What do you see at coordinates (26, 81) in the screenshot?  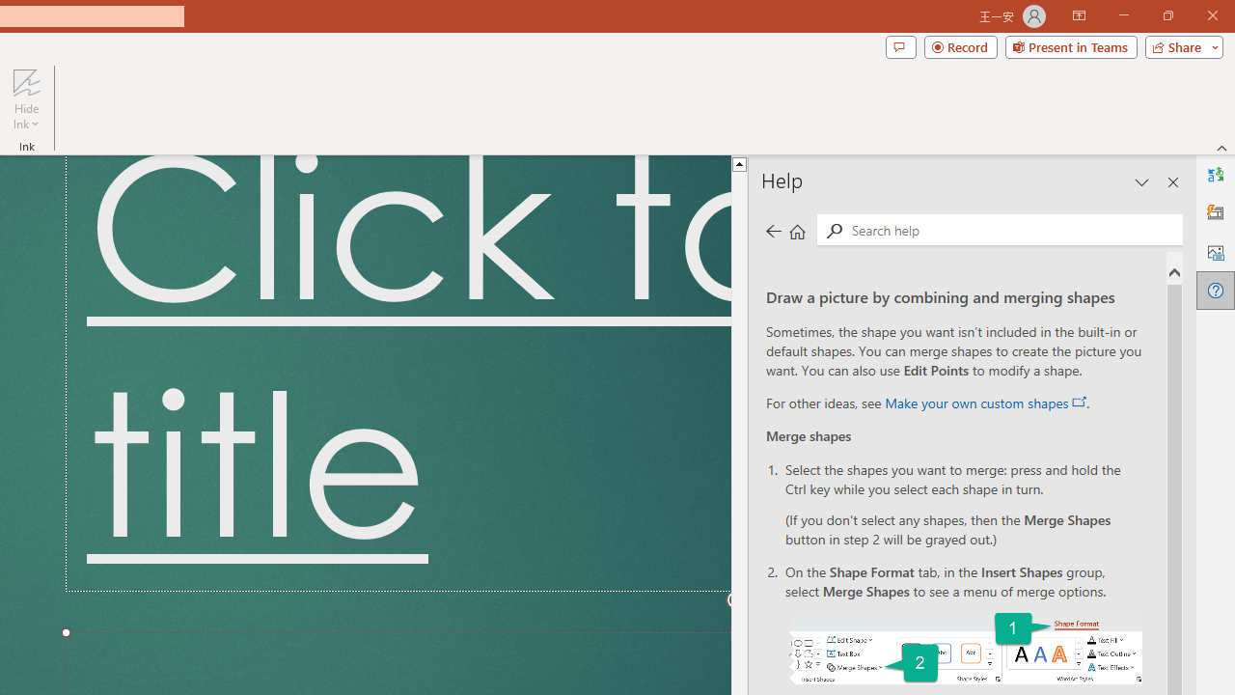 I see `'Hide Ink'` at bounding box center [26, 81].